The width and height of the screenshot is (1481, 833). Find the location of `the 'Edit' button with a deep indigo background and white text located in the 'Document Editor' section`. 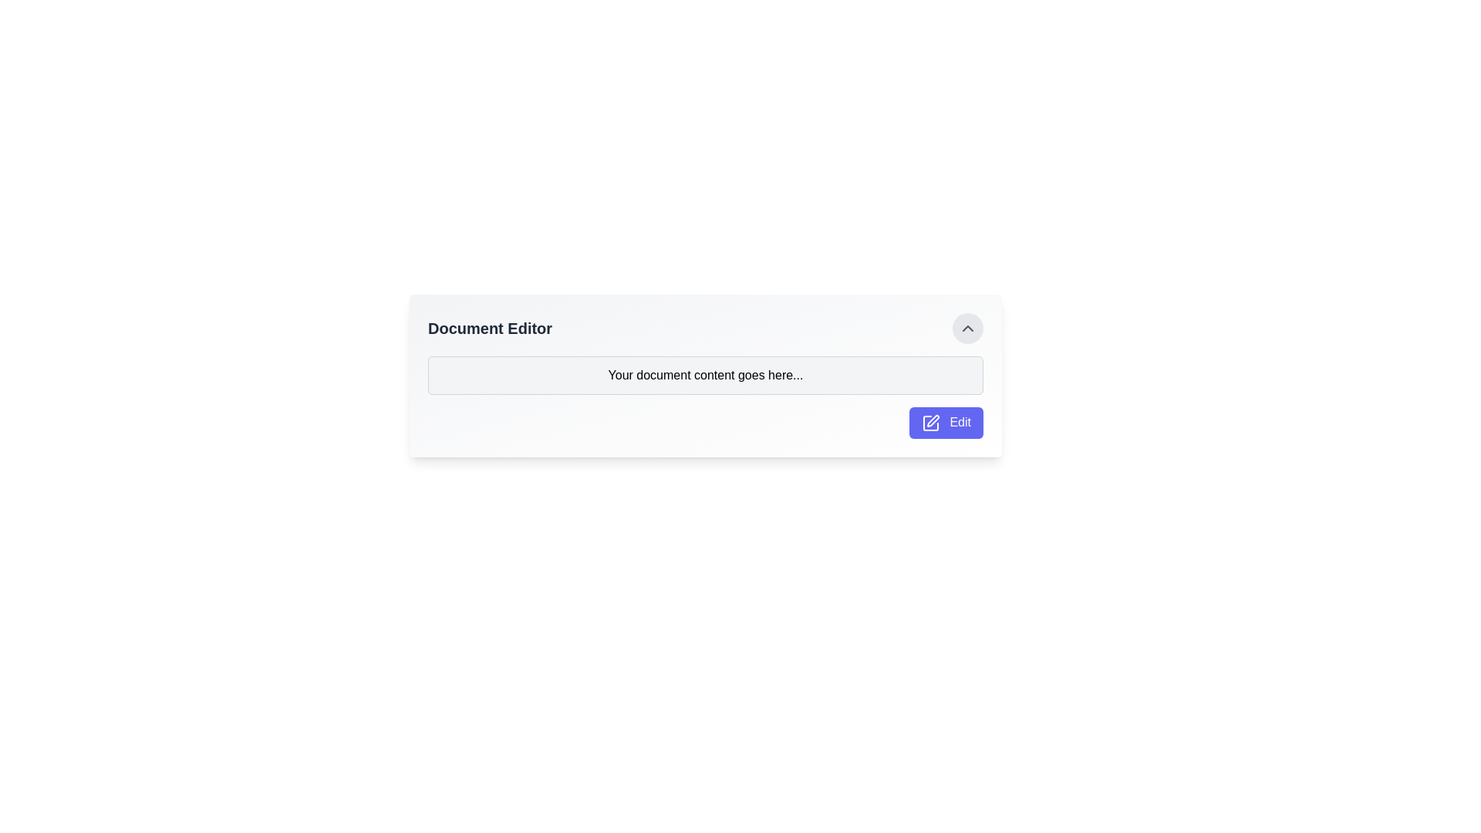

the 'Edit' button with a deep indigo background and white text located in the 'Document Editor' section is located at coordinates (946, 423).